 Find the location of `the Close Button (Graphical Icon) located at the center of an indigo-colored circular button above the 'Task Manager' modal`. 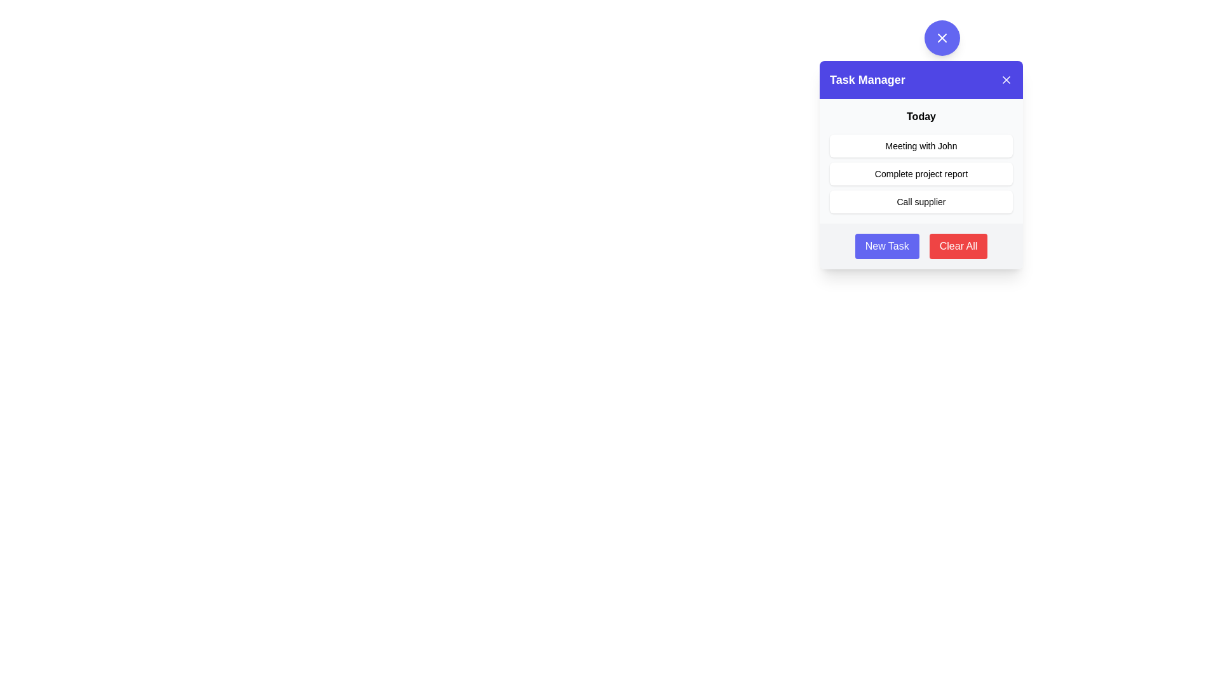

the Close Button (Graphical Icon) located at the center of an indigo-colored circular button above the 'Task Manager' modal is located at coordinates (942, 37).